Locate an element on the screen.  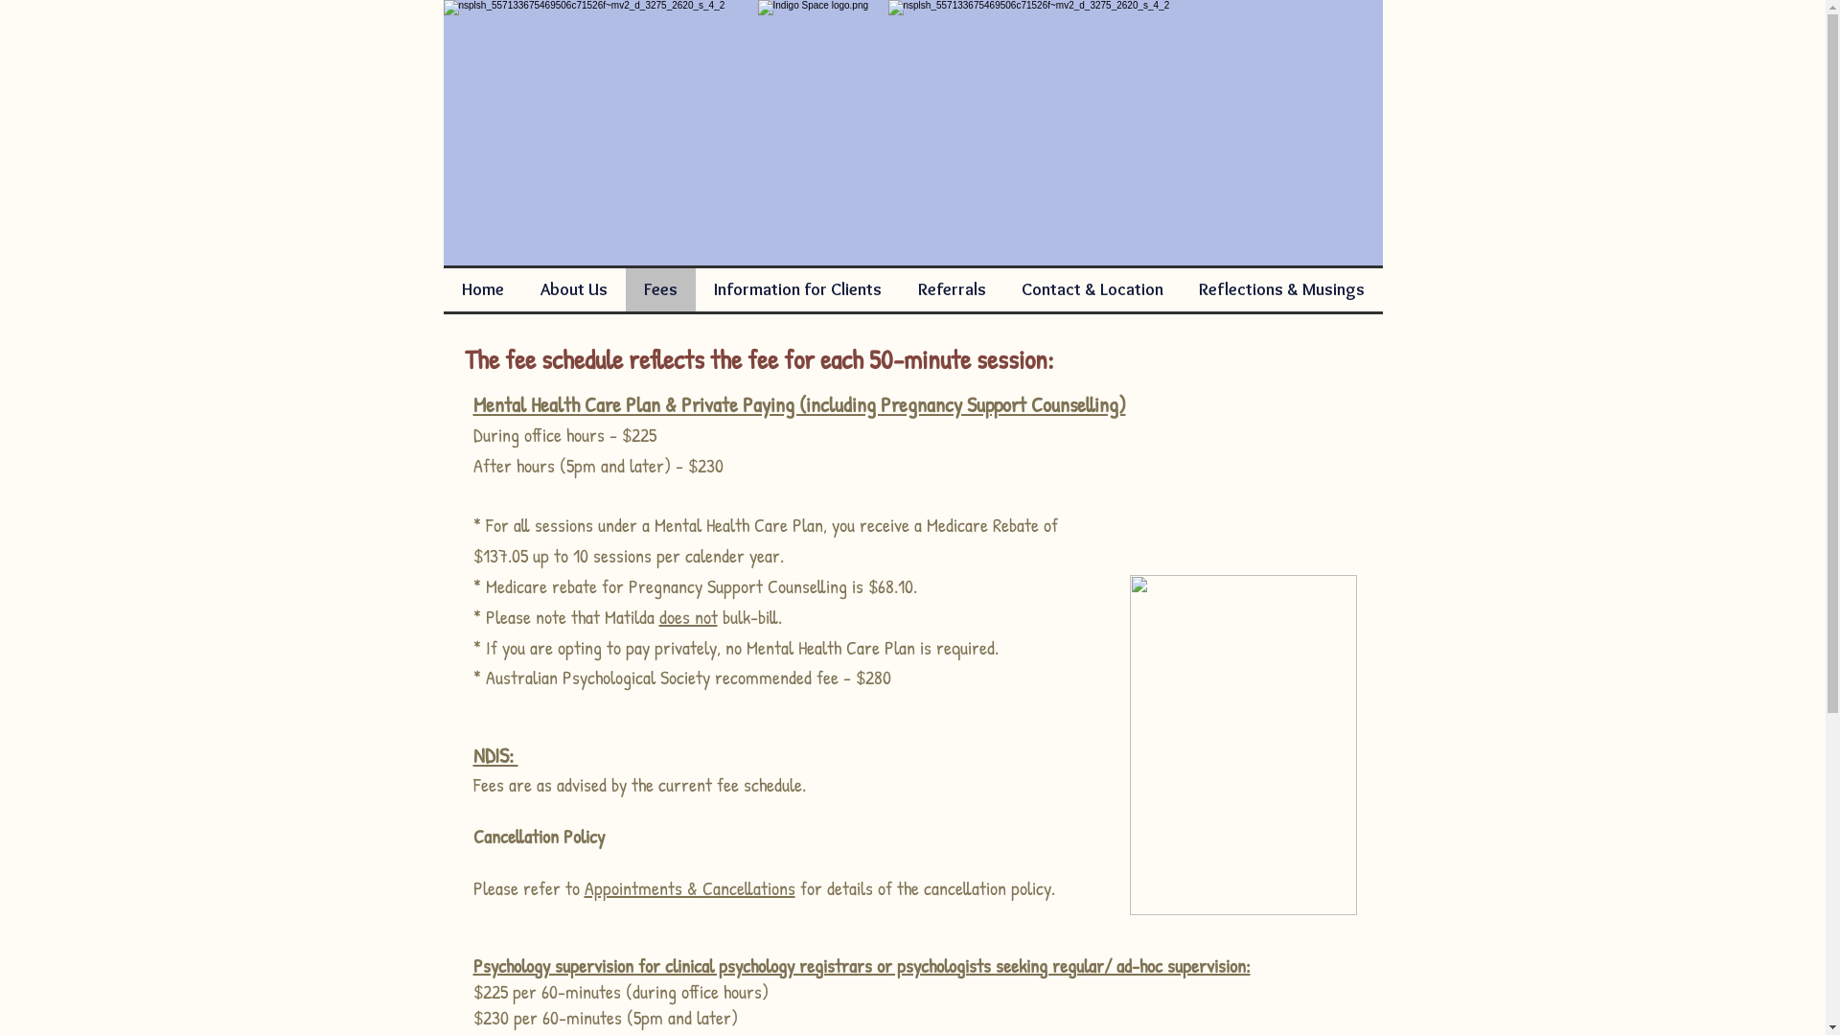
'Reflections & Musings' is located at coordinates (1180, 289).